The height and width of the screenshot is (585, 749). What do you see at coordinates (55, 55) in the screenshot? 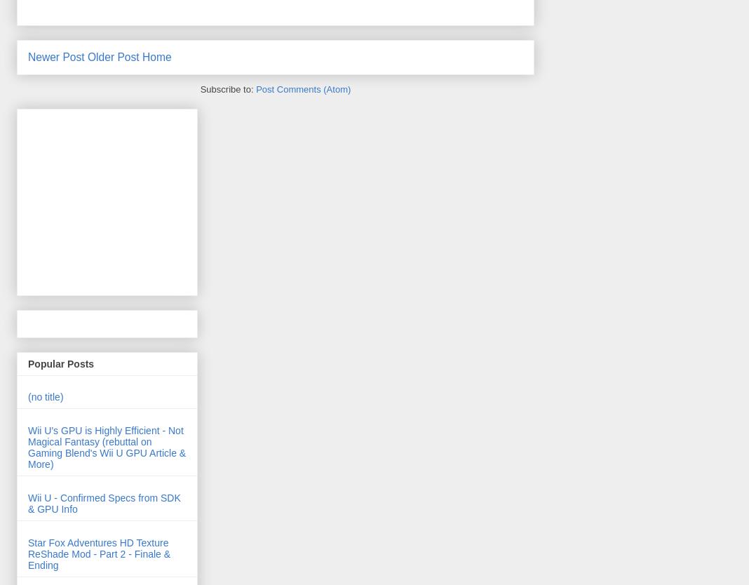
I see `'Newer Post'` at bounding box center [55, 55].